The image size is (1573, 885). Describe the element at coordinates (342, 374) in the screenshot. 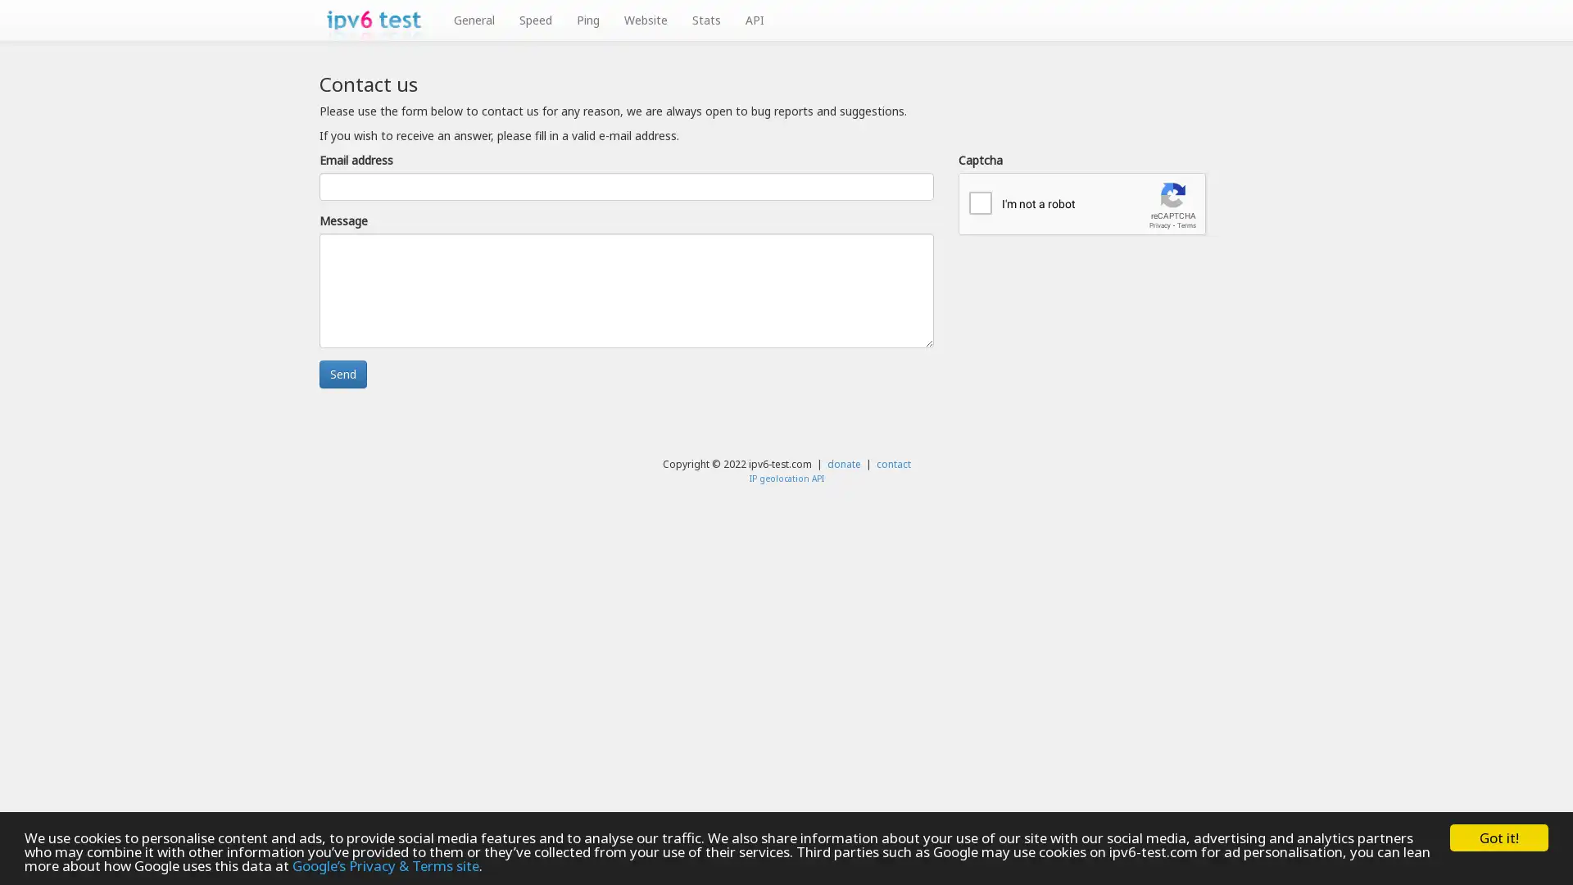

I see `Send` at that location.